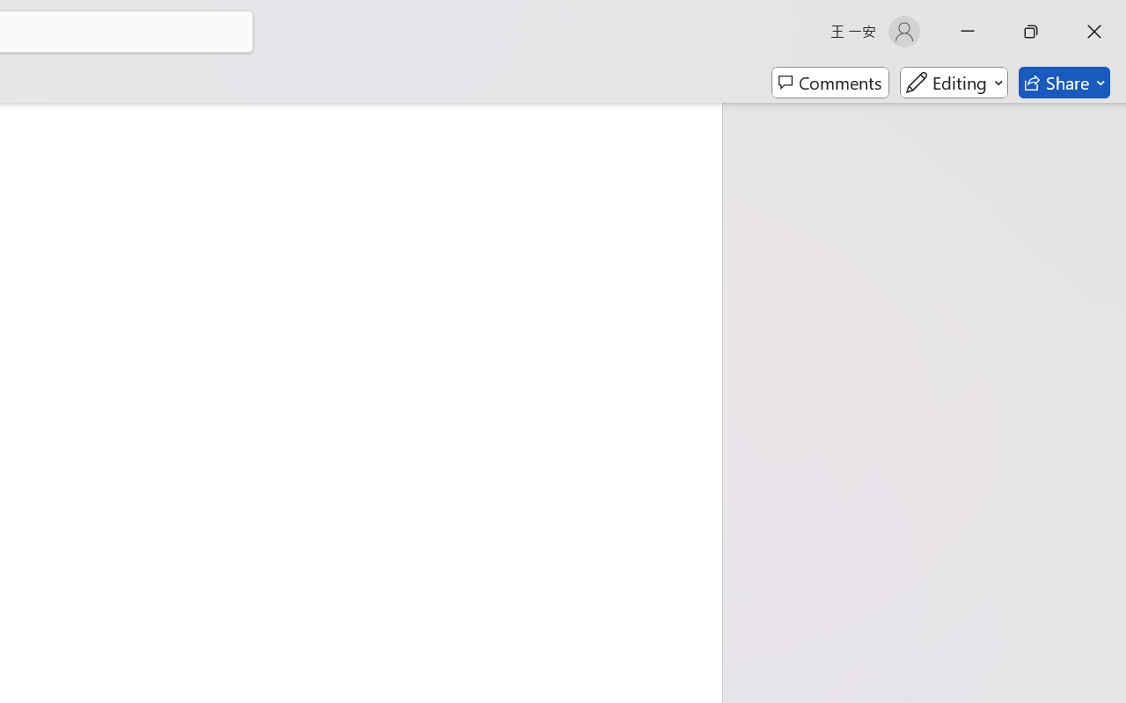 The image size is (1126, 703). What do you see at coordinates (1093, 31) in the screenshot?
I see `'Close'` at bounding box center [1093, 31].